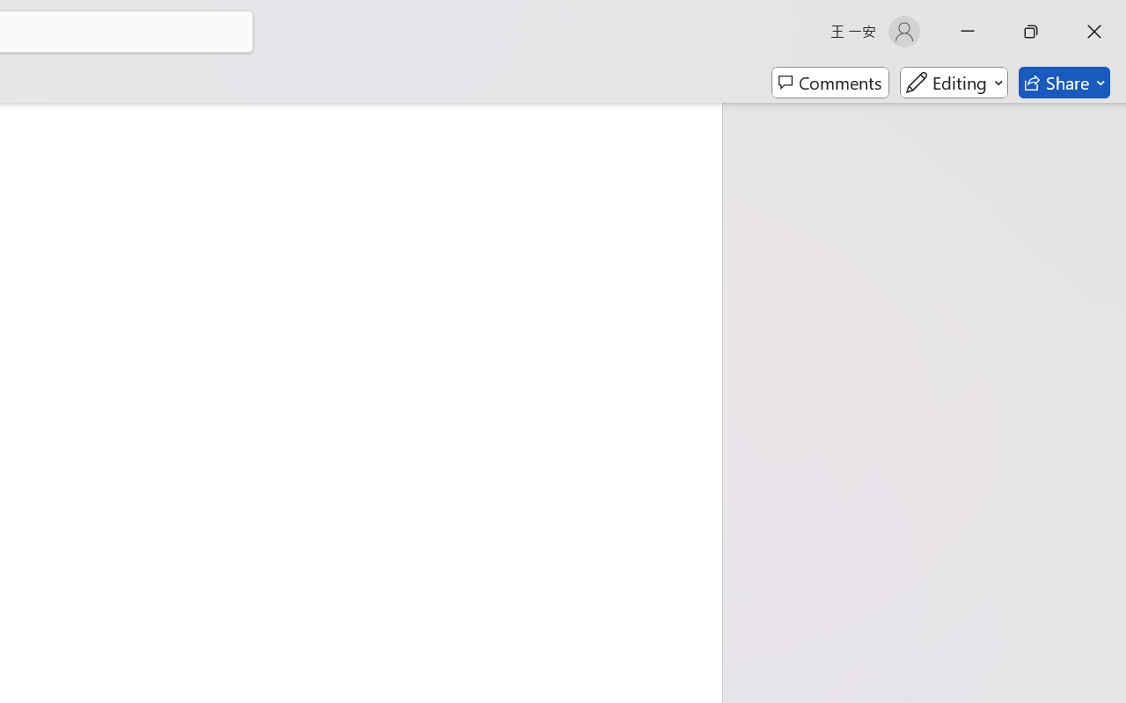 The image size is (1126, 703). What do you see at coordinates (1093, 31) in the screenshot?
I see `'Close'` at bounding box center [1093, 31].